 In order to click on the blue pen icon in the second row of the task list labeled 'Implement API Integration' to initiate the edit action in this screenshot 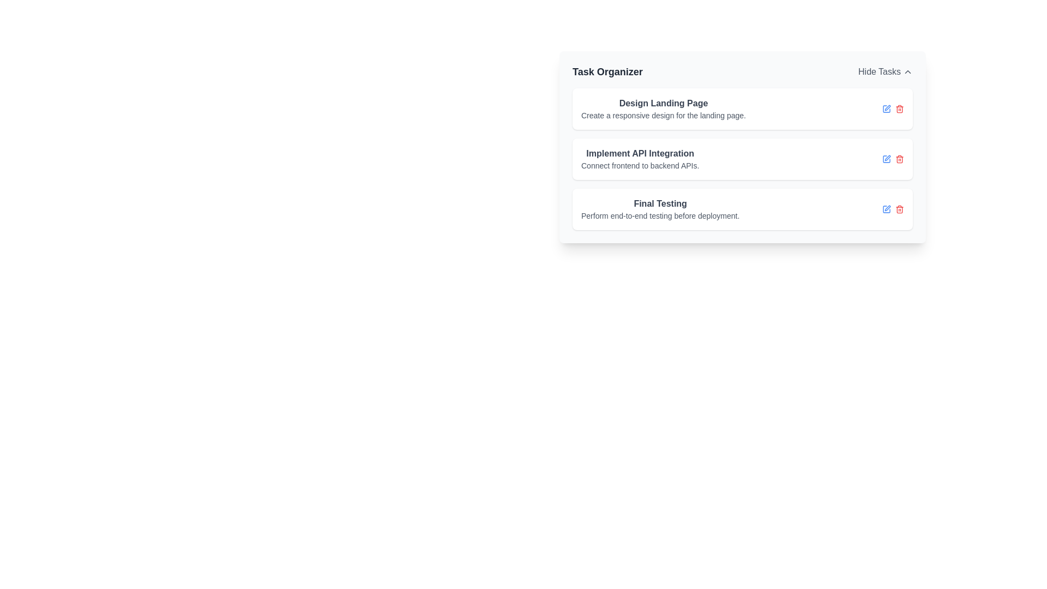, I will do `click(887, 159)`.